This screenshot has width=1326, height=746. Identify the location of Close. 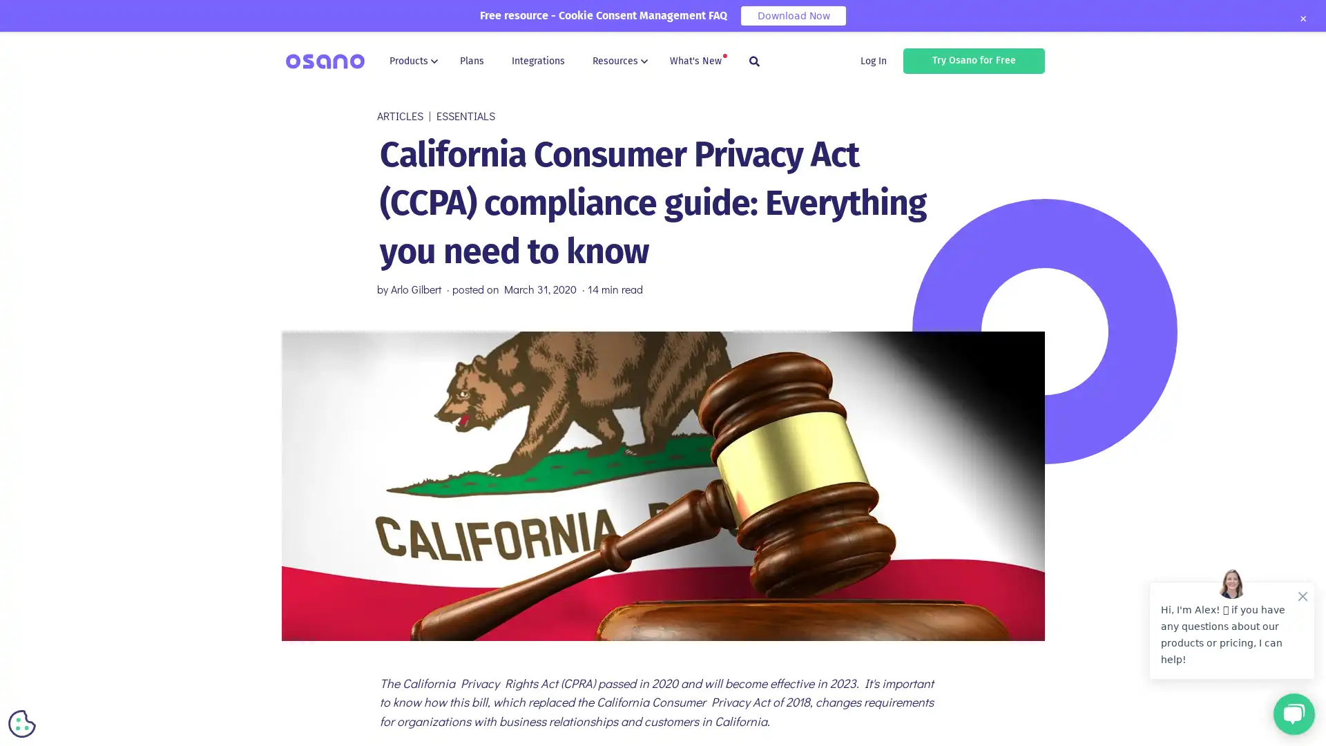
(1302, 19).